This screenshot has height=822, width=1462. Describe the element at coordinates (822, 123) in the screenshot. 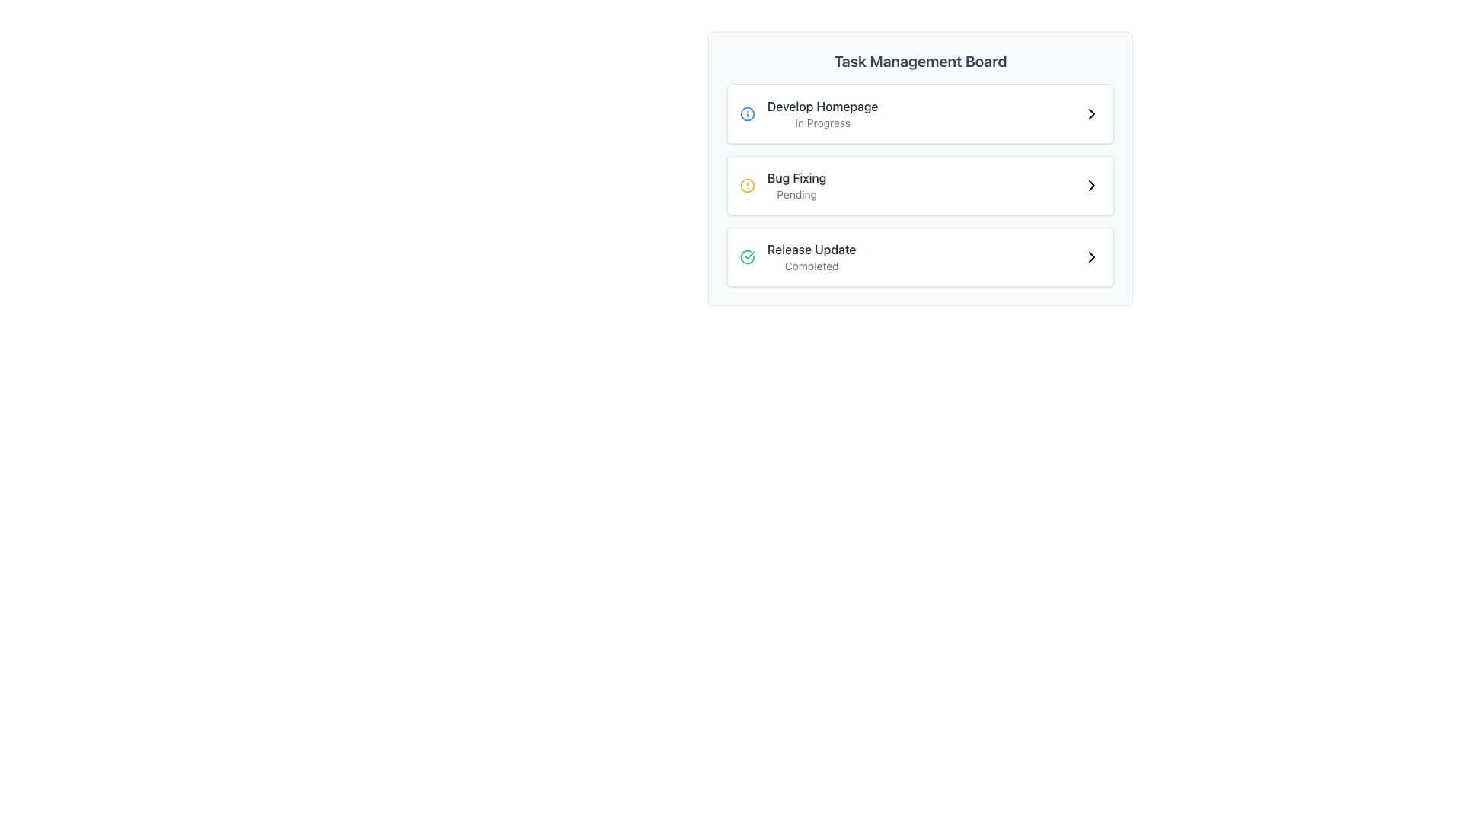

I see `status text label indicating the current state of the 'Develop Homepage' task, which is located directly below the corresponding task title in the Task Management Board` at that location.